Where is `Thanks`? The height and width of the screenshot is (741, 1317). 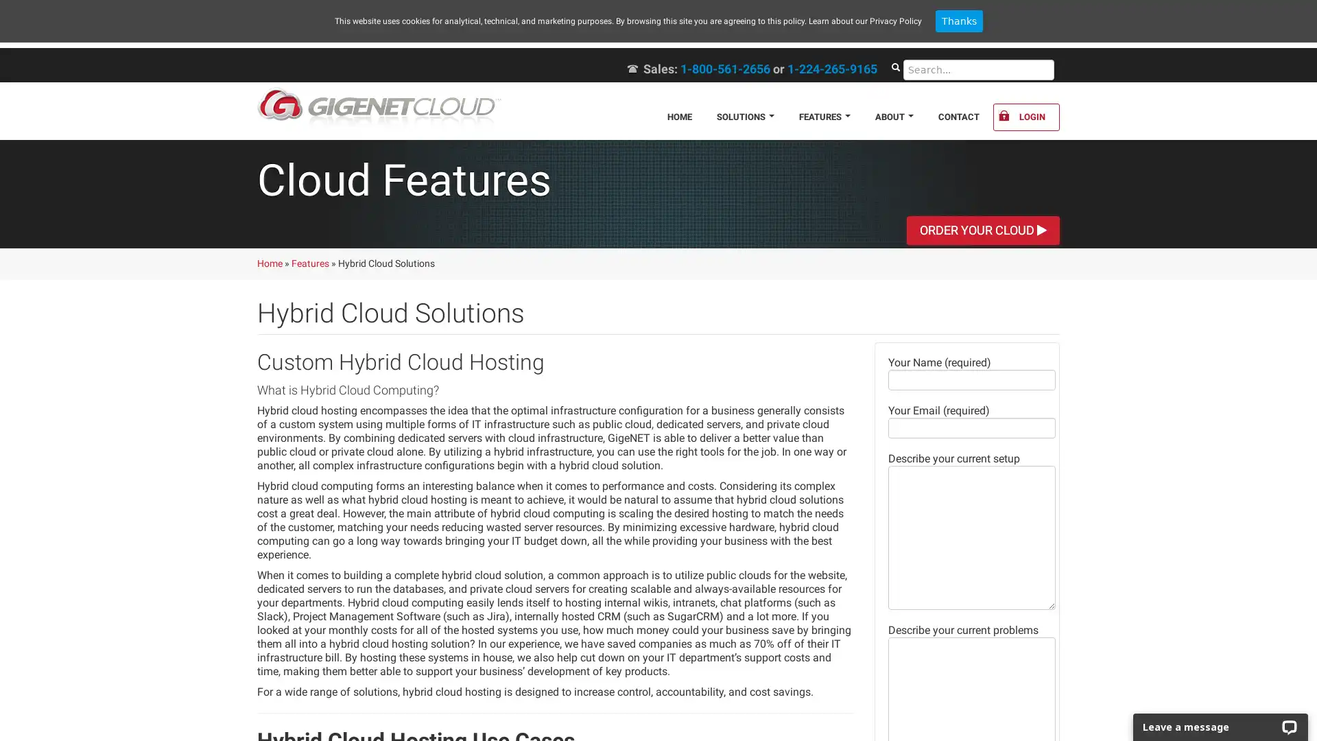 Thanks is located at coordinates (958, 21).